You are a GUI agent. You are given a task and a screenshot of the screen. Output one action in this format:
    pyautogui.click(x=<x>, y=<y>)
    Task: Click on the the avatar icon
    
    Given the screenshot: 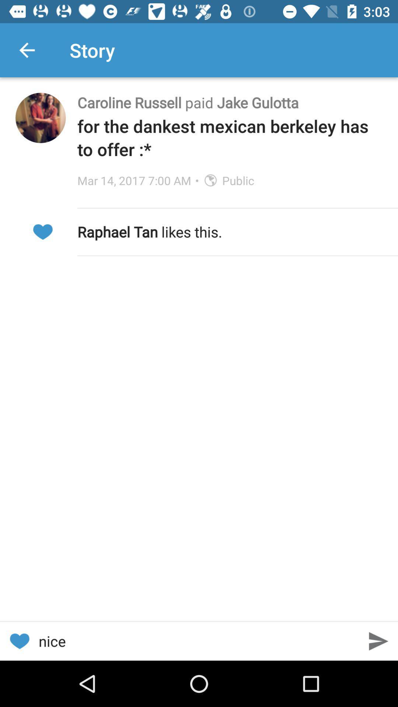 What is the action you would take?
    pyautogui.click(x=41, y=118)
    